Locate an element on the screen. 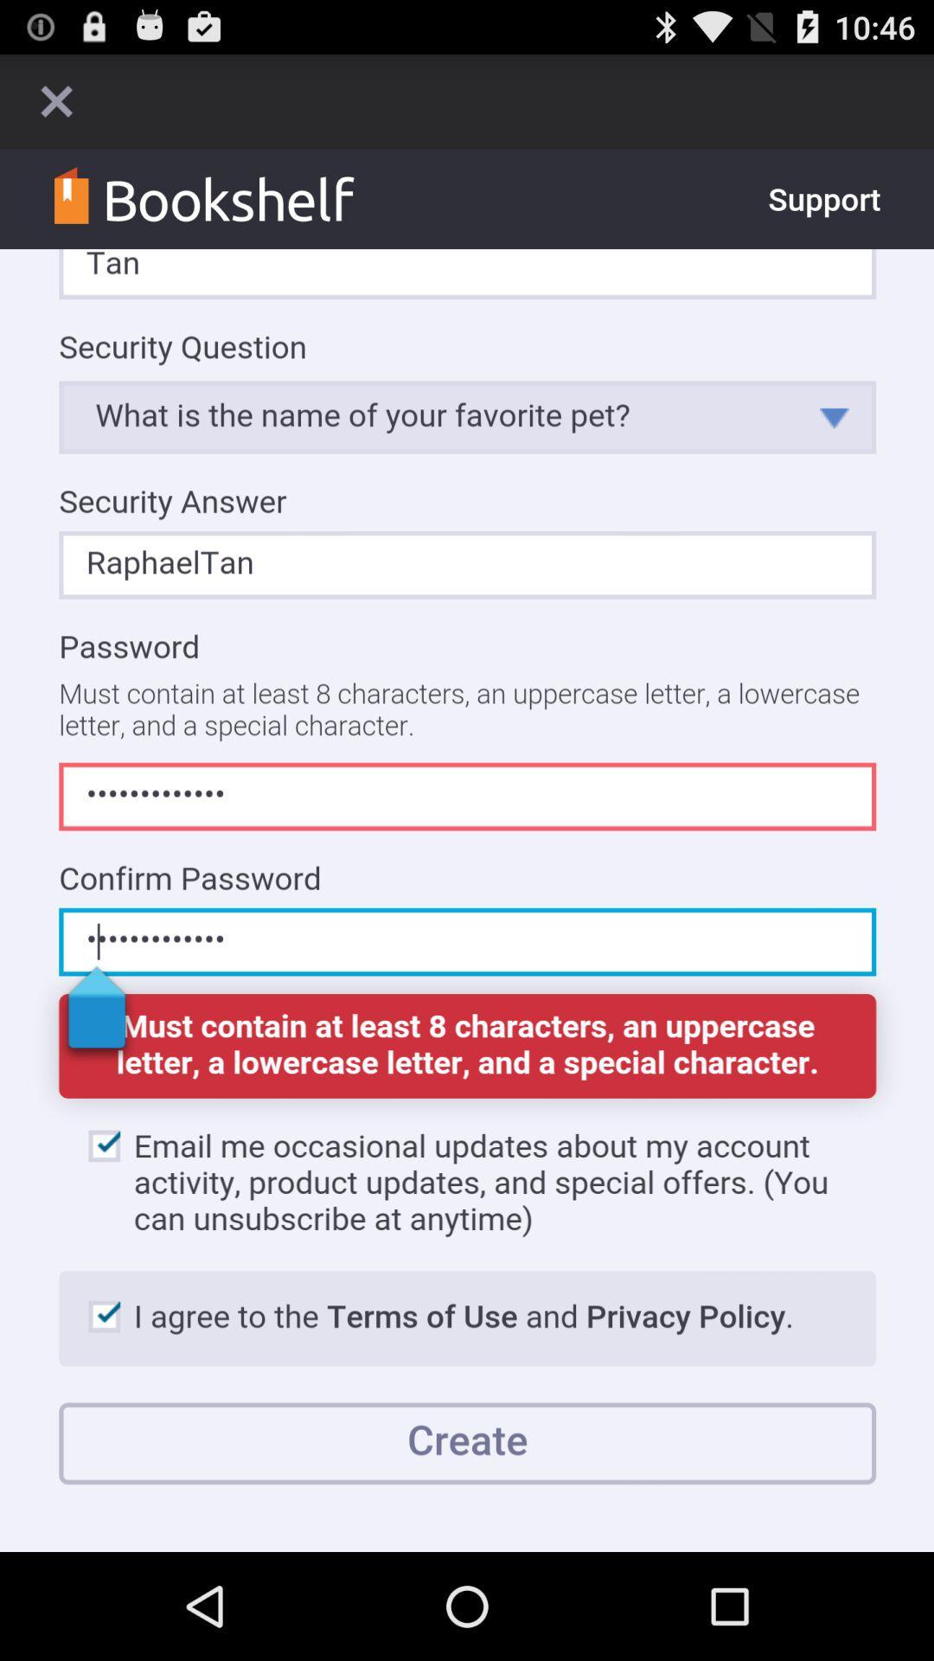  the close icon is located at coordinates (55, 107).